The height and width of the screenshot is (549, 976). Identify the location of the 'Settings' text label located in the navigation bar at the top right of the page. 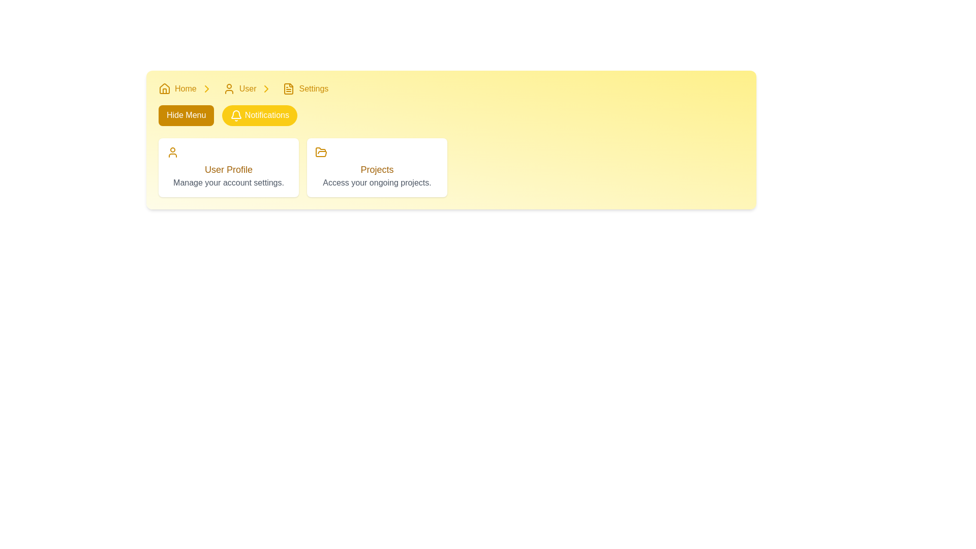
(313, 88).